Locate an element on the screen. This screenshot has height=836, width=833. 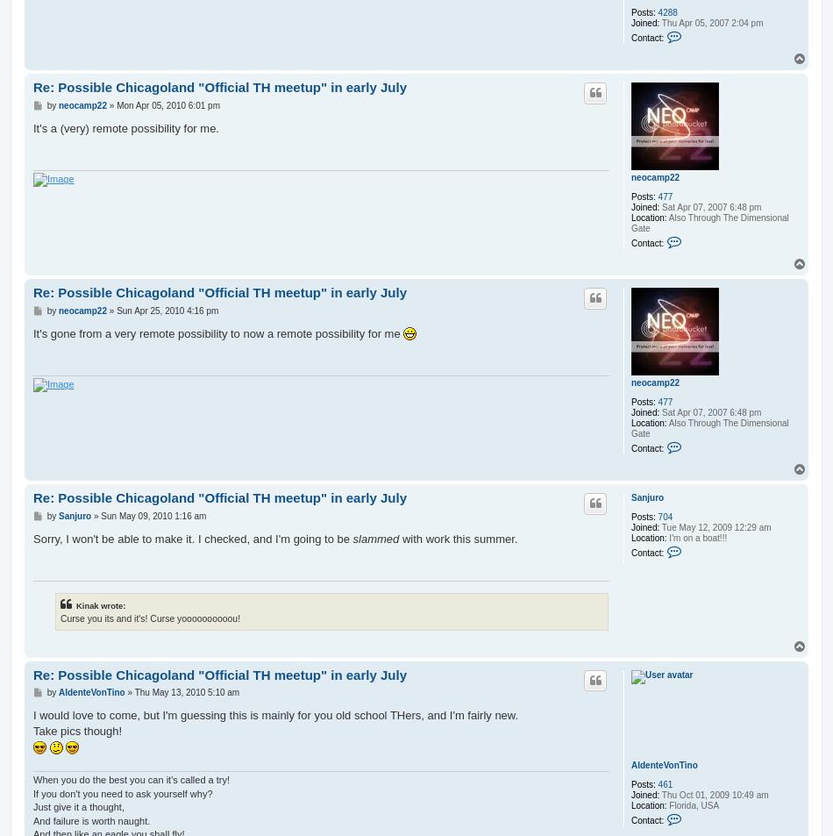
'Sun May 09, 2010 1:16 am' is located at coordinates (153, 515).